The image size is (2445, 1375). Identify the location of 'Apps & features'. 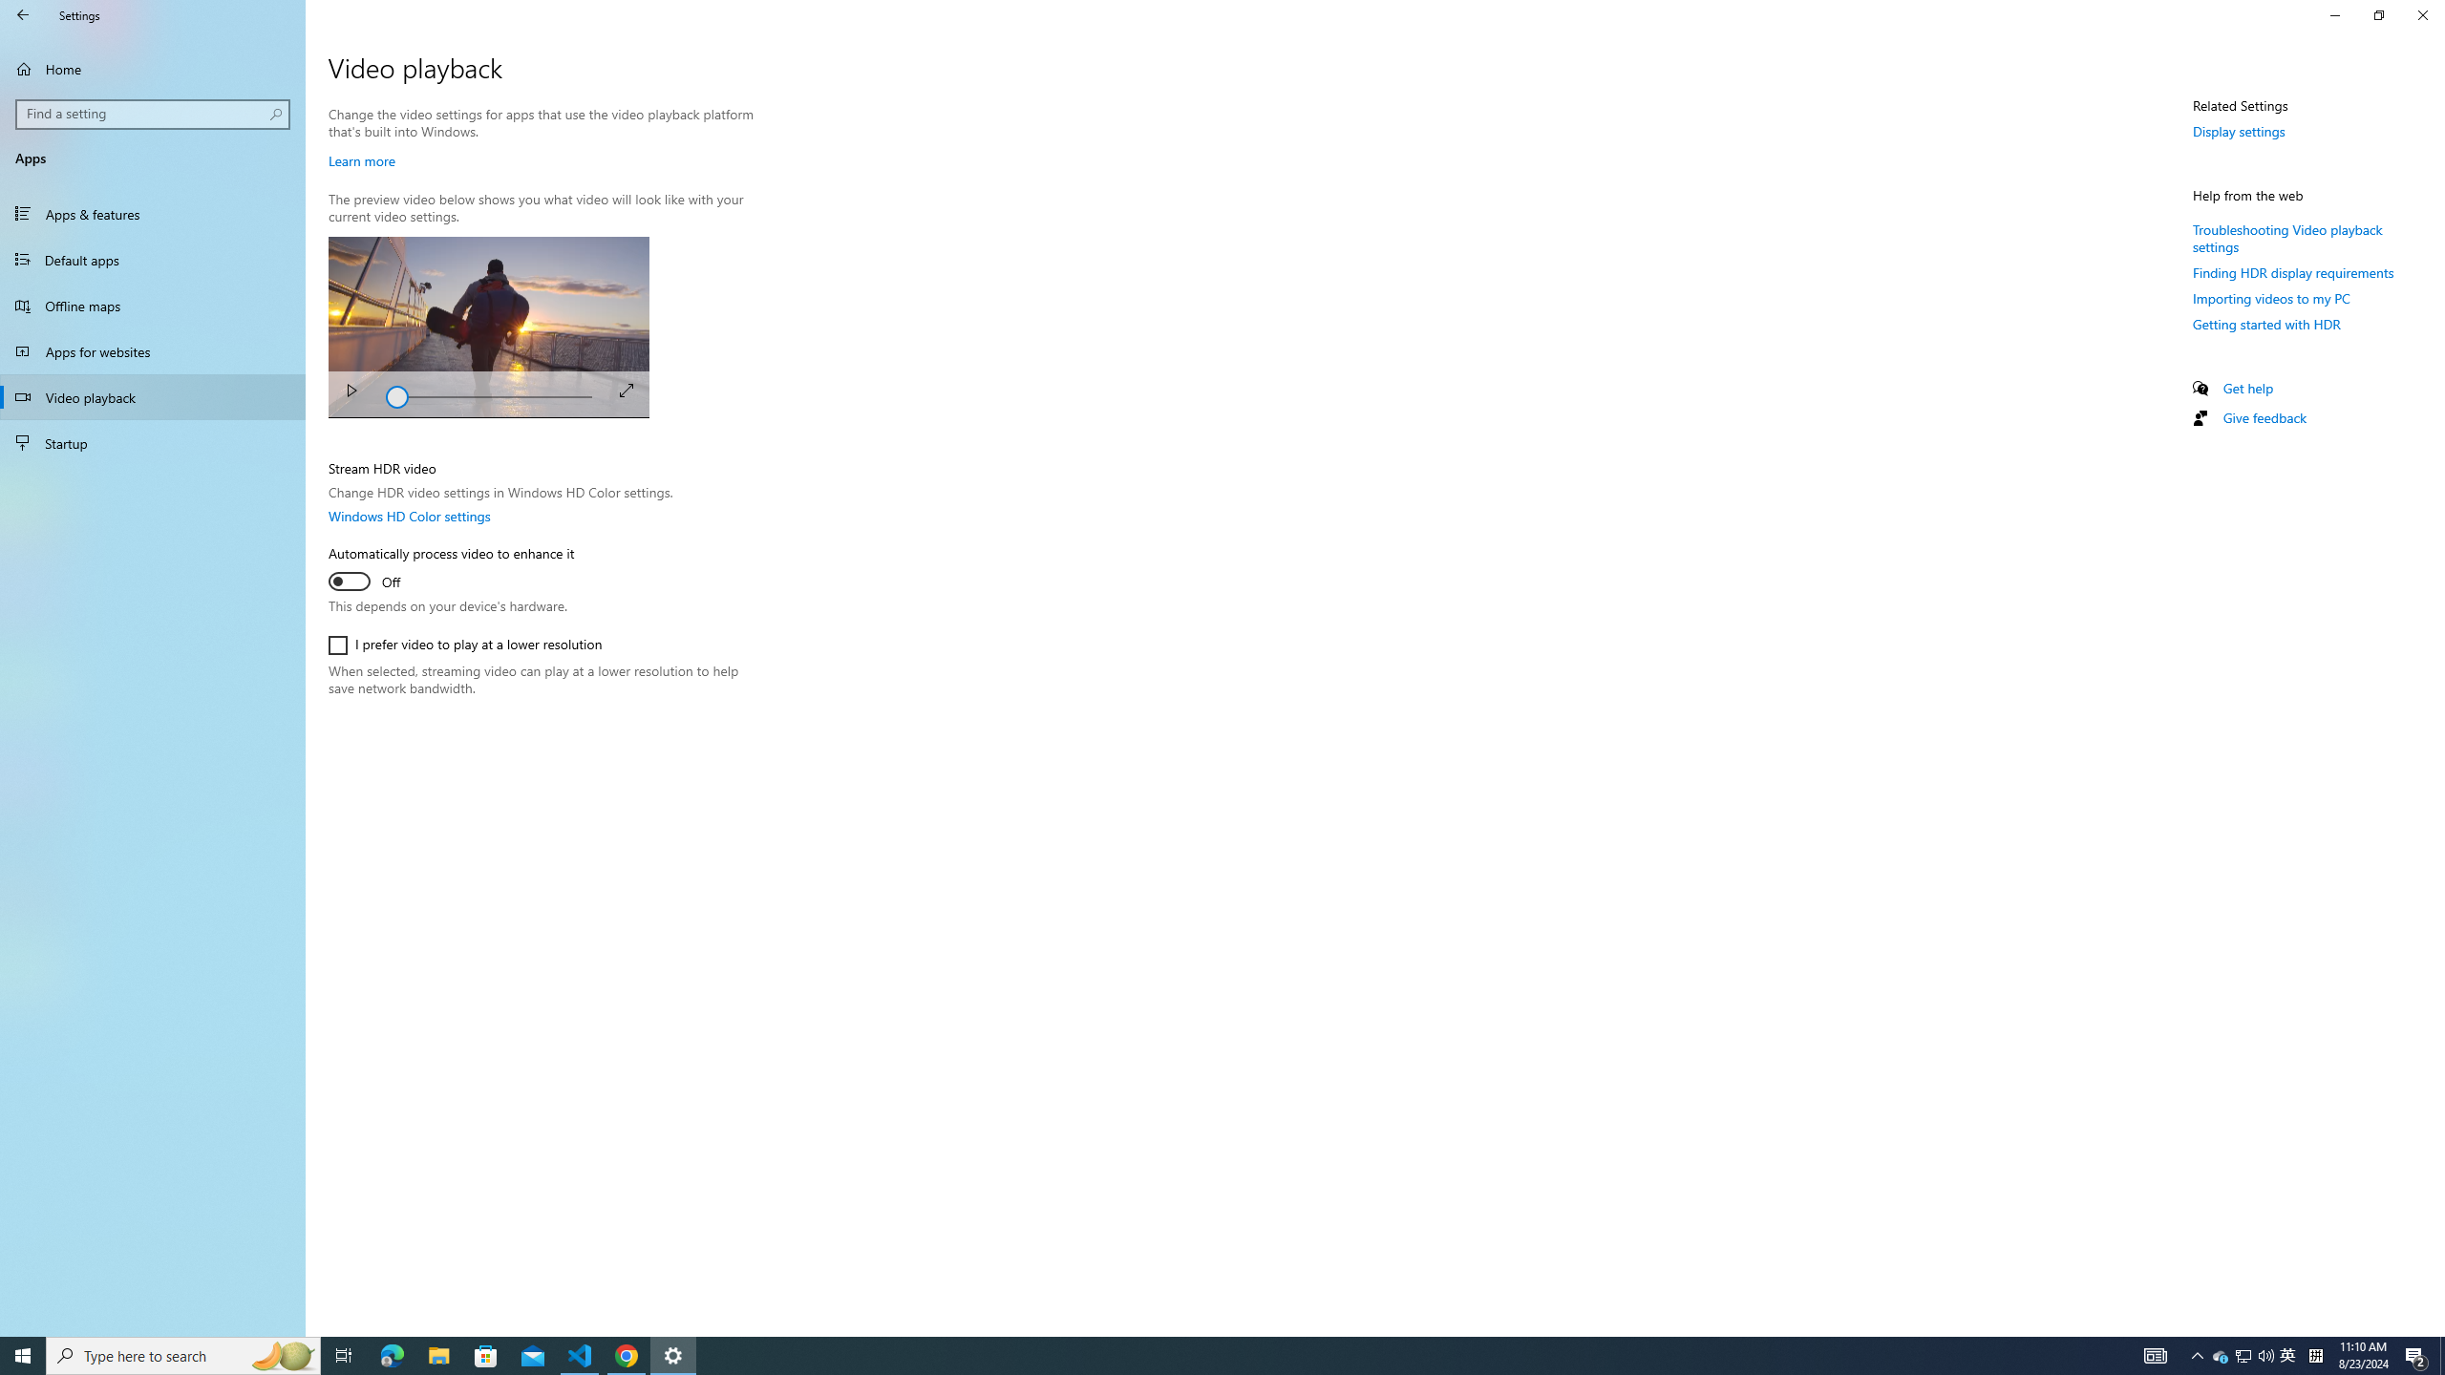
(152, 212).